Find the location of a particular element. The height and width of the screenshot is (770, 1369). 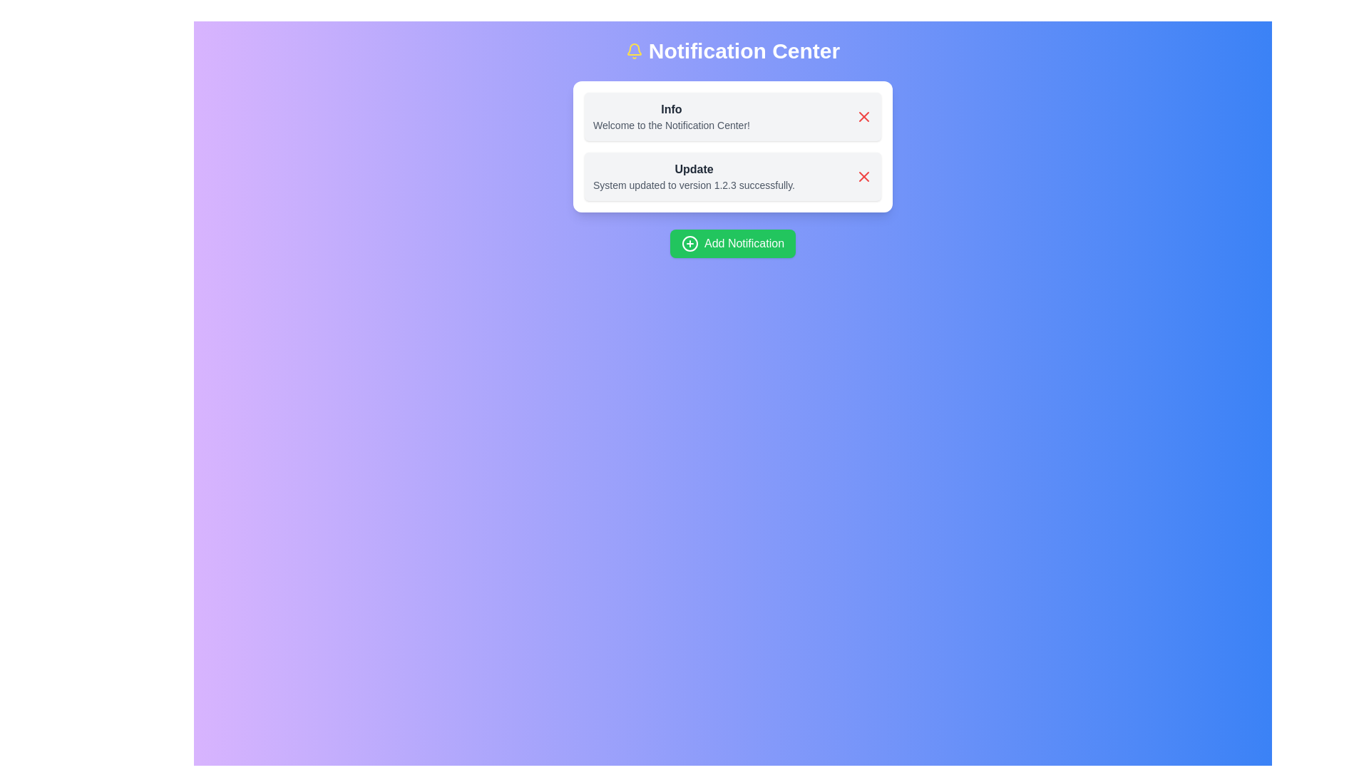

the second notification in the Notification Center for accessibility purposes is located at coordinates (732, 175).